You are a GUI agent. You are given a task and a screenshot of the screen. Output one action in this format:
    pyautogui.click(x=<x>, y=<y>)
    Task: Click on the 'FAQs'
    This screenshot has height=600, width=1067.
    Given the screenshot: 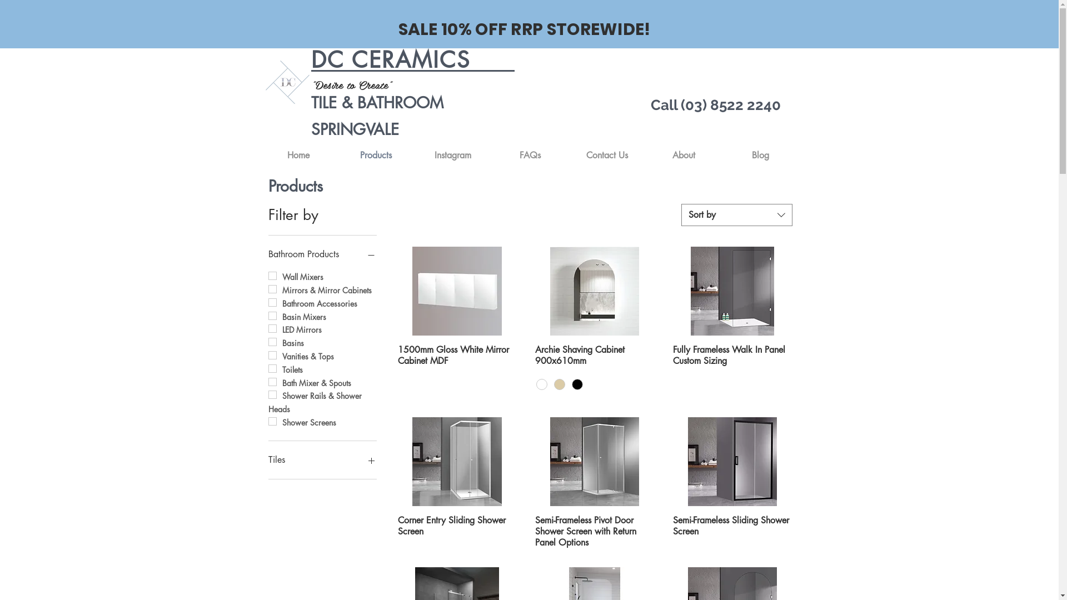 What is the action you would take?
    pyautogui.click(x=490, y=156)
    